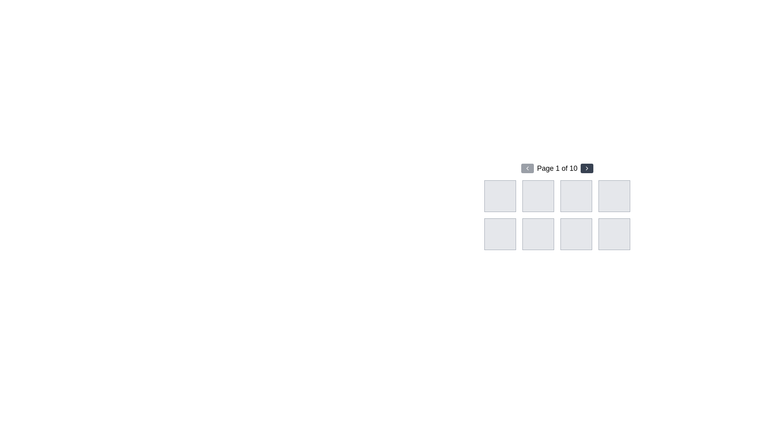  I want to click on the square tile with a light gray background and medium gray border located in the first column of the second row in a 4x2 grid layout, so click(500, 233).